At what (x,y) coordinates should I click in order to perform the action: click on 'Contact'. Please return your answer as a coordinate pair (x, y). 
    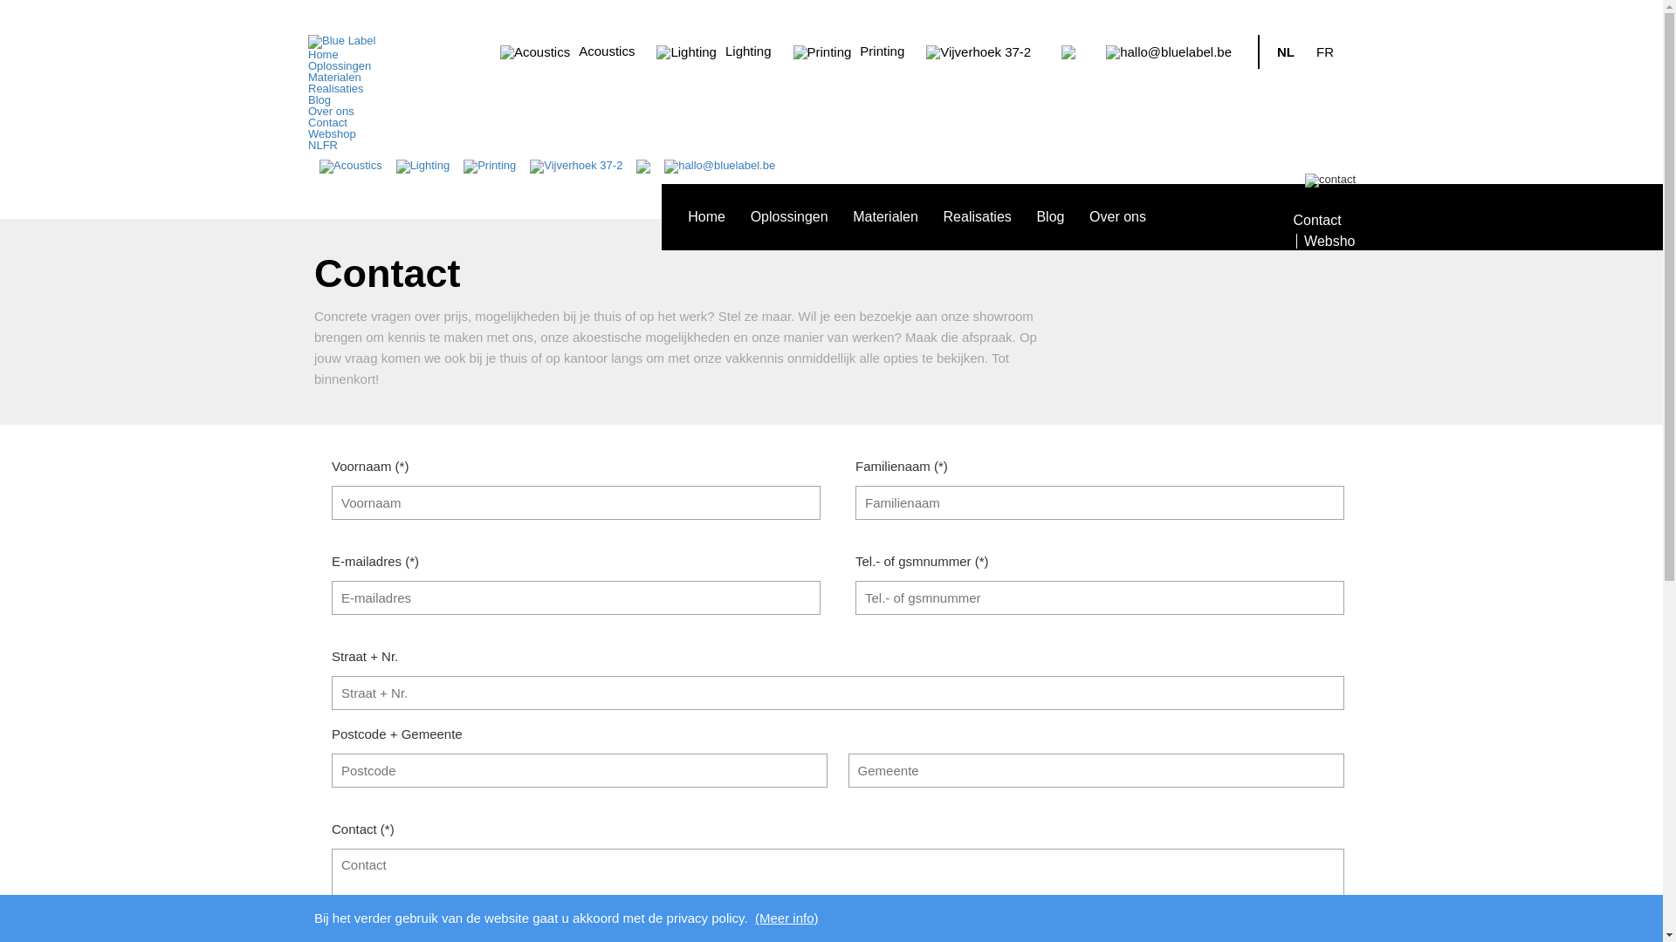
    Looking at the image, I should click on (1293, 219).